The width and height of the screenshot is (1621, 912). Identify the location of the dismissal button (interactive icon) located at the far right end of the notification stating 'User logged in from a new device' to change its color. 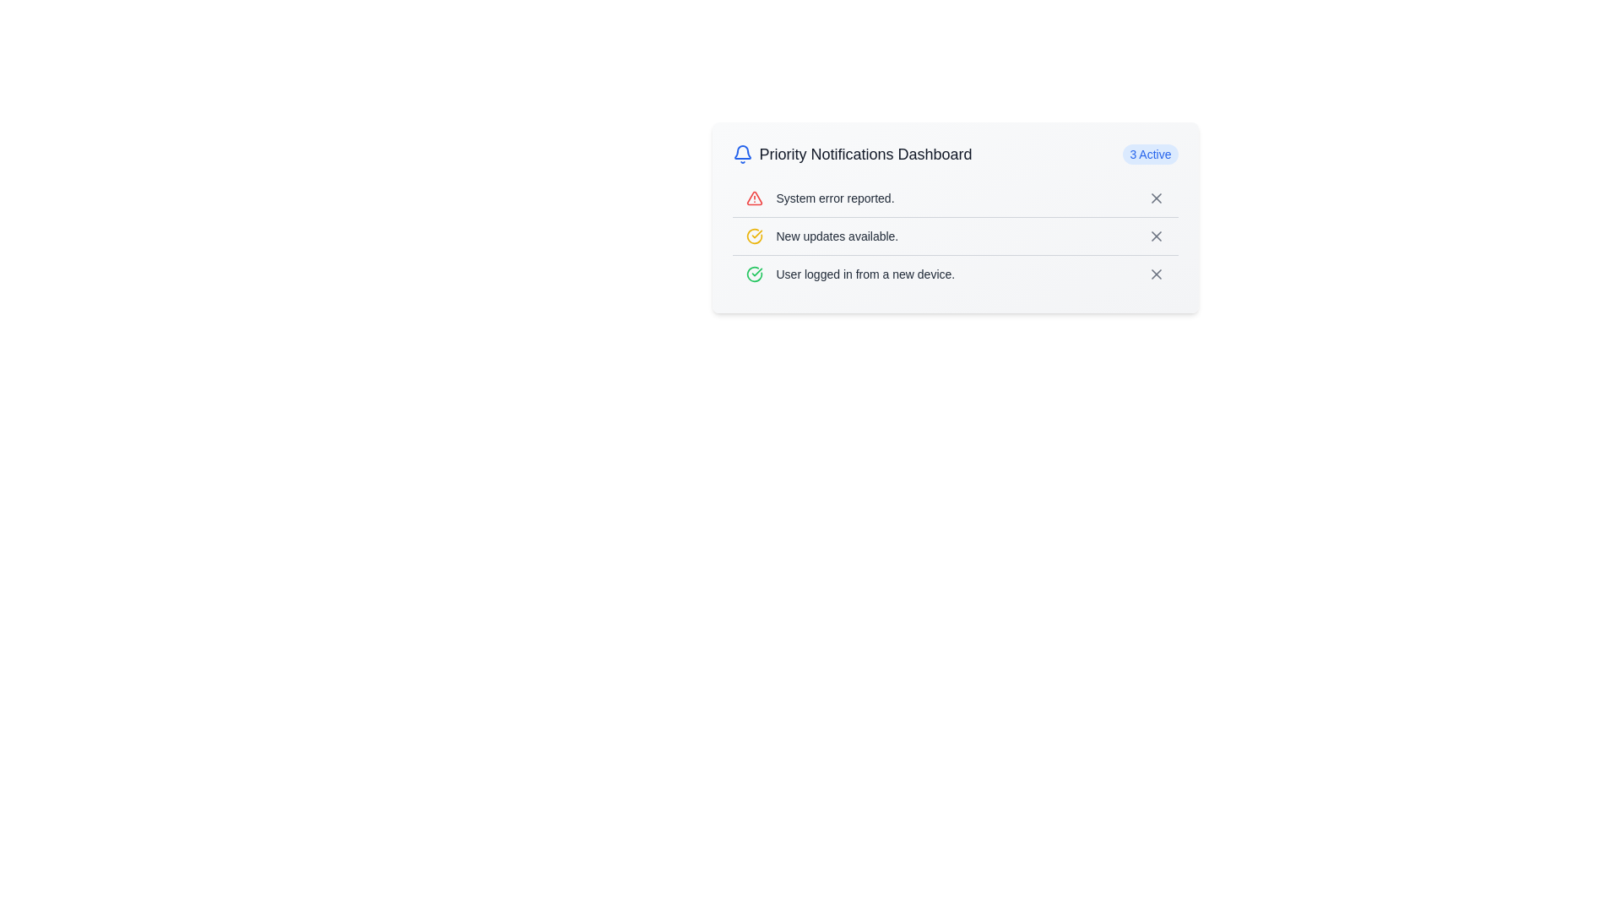
(1155, 273).